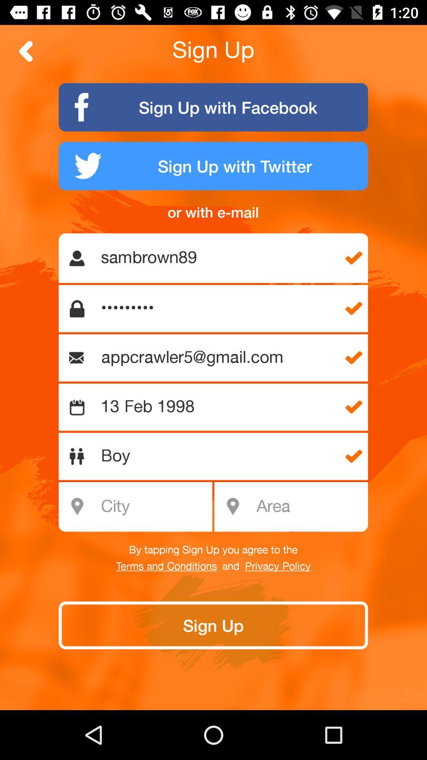  Describe the element at coordinates (166, 566) in the screenshot. I see `the terms and conditions` at that location.